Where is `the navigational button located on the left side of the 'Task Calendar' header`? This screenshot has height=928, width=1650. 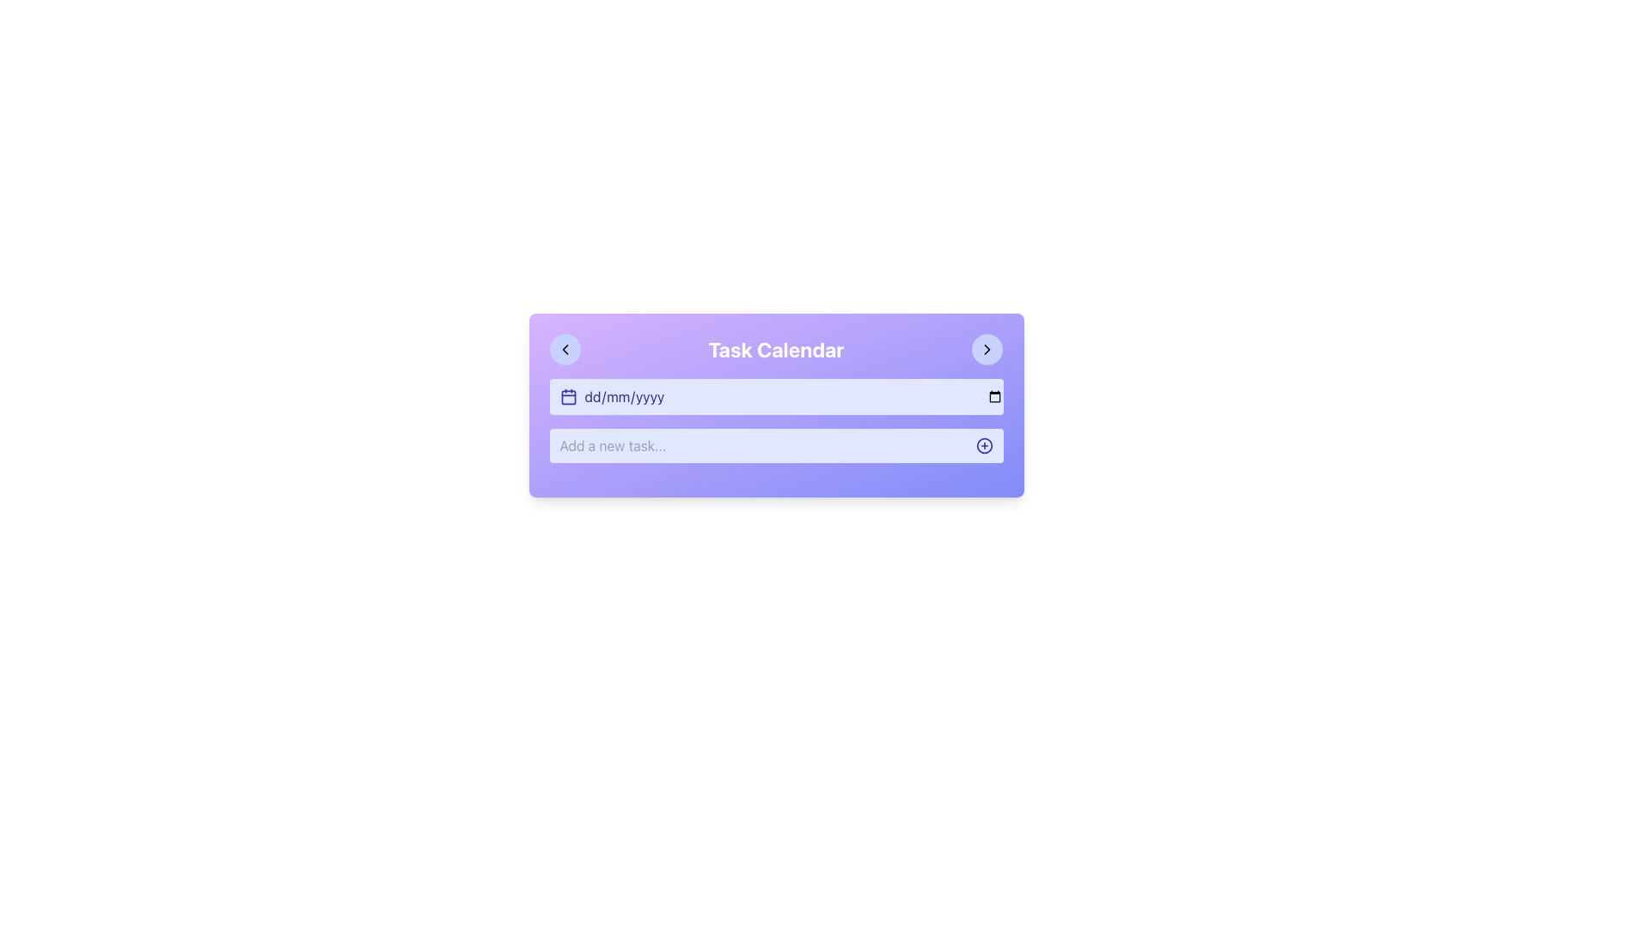
the navigational button located on the left side of the 'Task Calendar' header is located at coordinates (565, 349).